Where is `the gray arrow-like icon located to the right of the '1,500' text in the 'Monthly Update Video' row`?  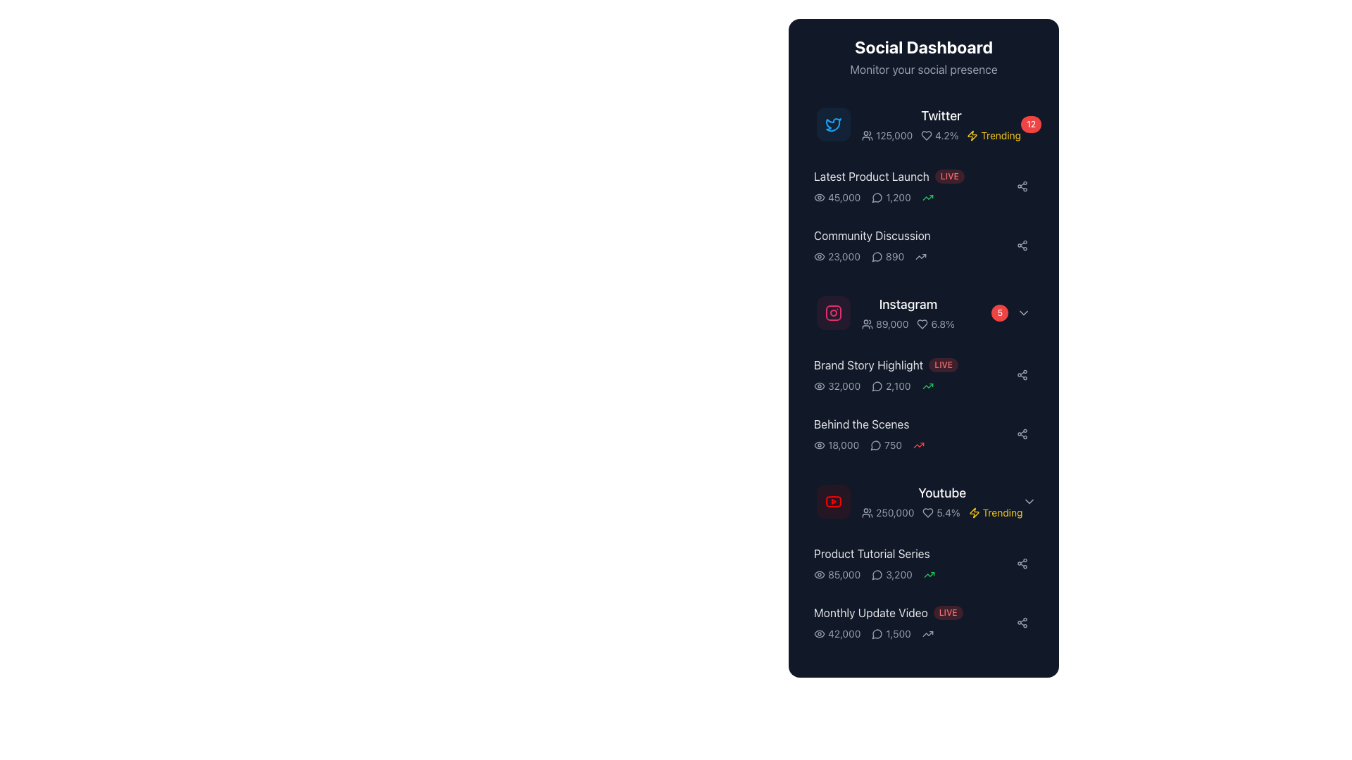 the gray arrow-like icon located to the right of the '1,500' text in the 'Monthly Update Video' row is located at coordinates (927, 634).